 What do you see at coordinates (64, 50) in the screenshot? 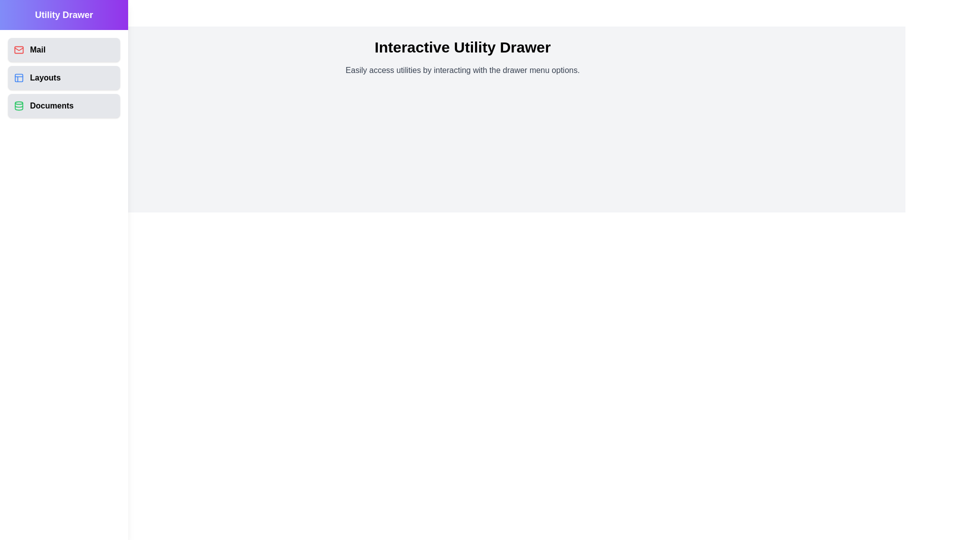
I see `the utility option Mail in the drawer` at bounding box center [64, 50].